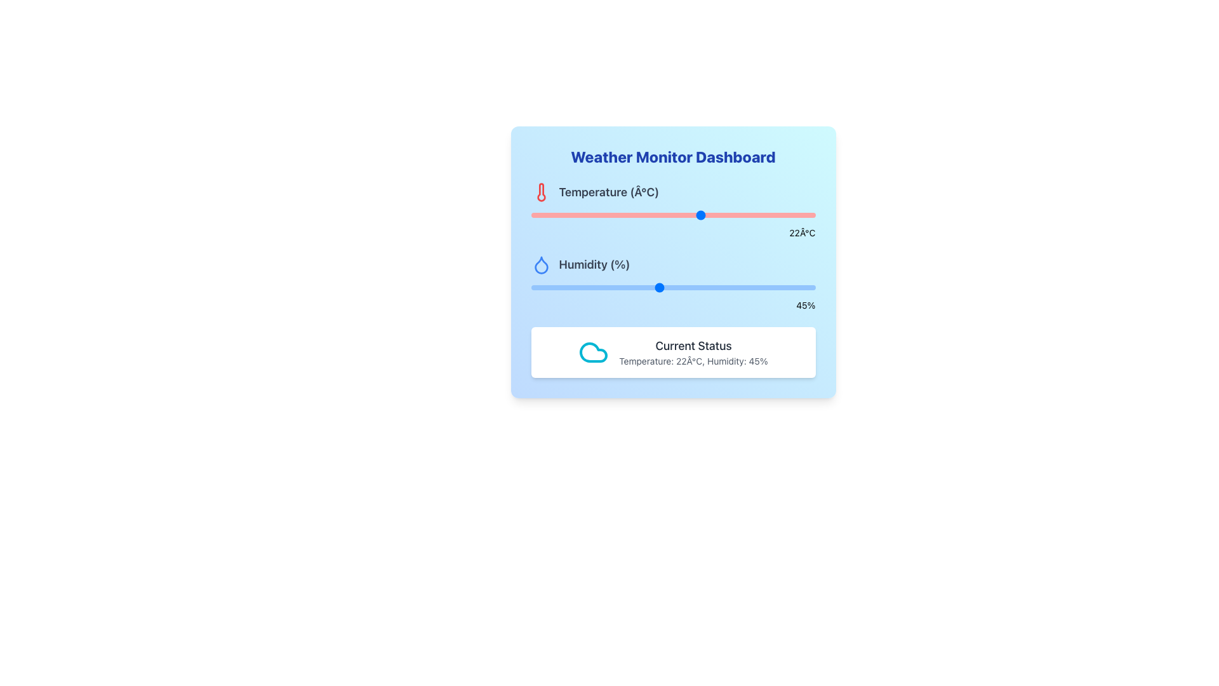 Image resolution: width=1219 pixels, height=686 pixels. I want to click on the humidity slider, so click(716, 287).